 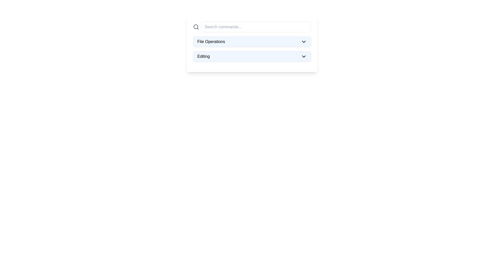 What do you see at coordinates (252, 57) in the screenshot?
I see `the 'Editing' dropdown menu trigger` at bounding box center [252, 57].